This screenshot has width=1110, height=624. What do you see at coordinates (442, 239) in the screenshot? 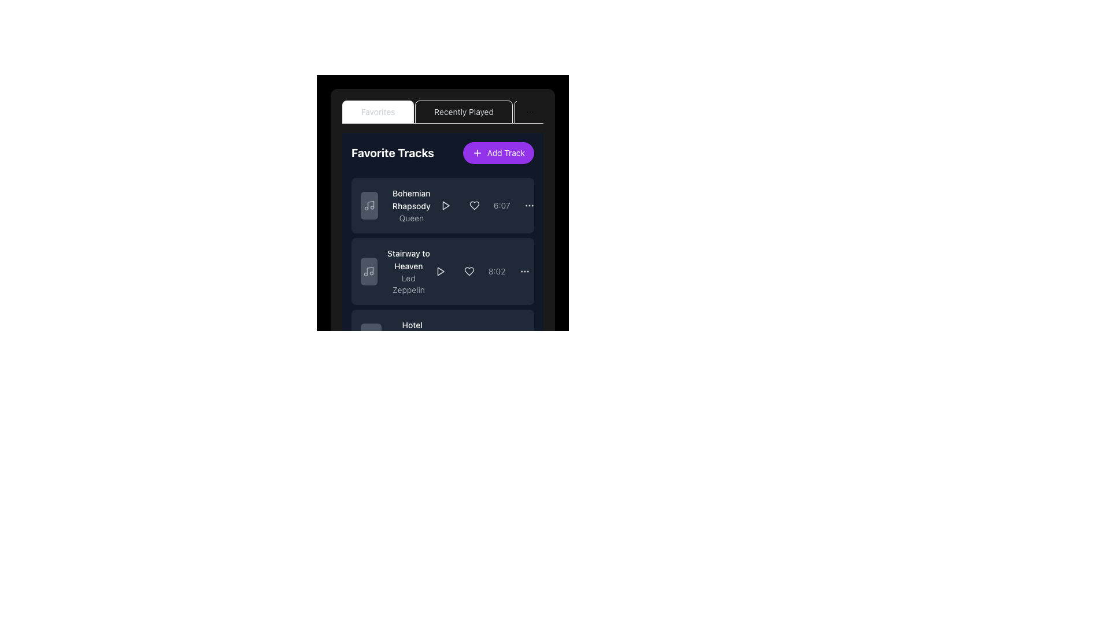
I see `the details of the song represented by the second card in the 'Favorites' tab of the music application` at bounding box center [442, 239].